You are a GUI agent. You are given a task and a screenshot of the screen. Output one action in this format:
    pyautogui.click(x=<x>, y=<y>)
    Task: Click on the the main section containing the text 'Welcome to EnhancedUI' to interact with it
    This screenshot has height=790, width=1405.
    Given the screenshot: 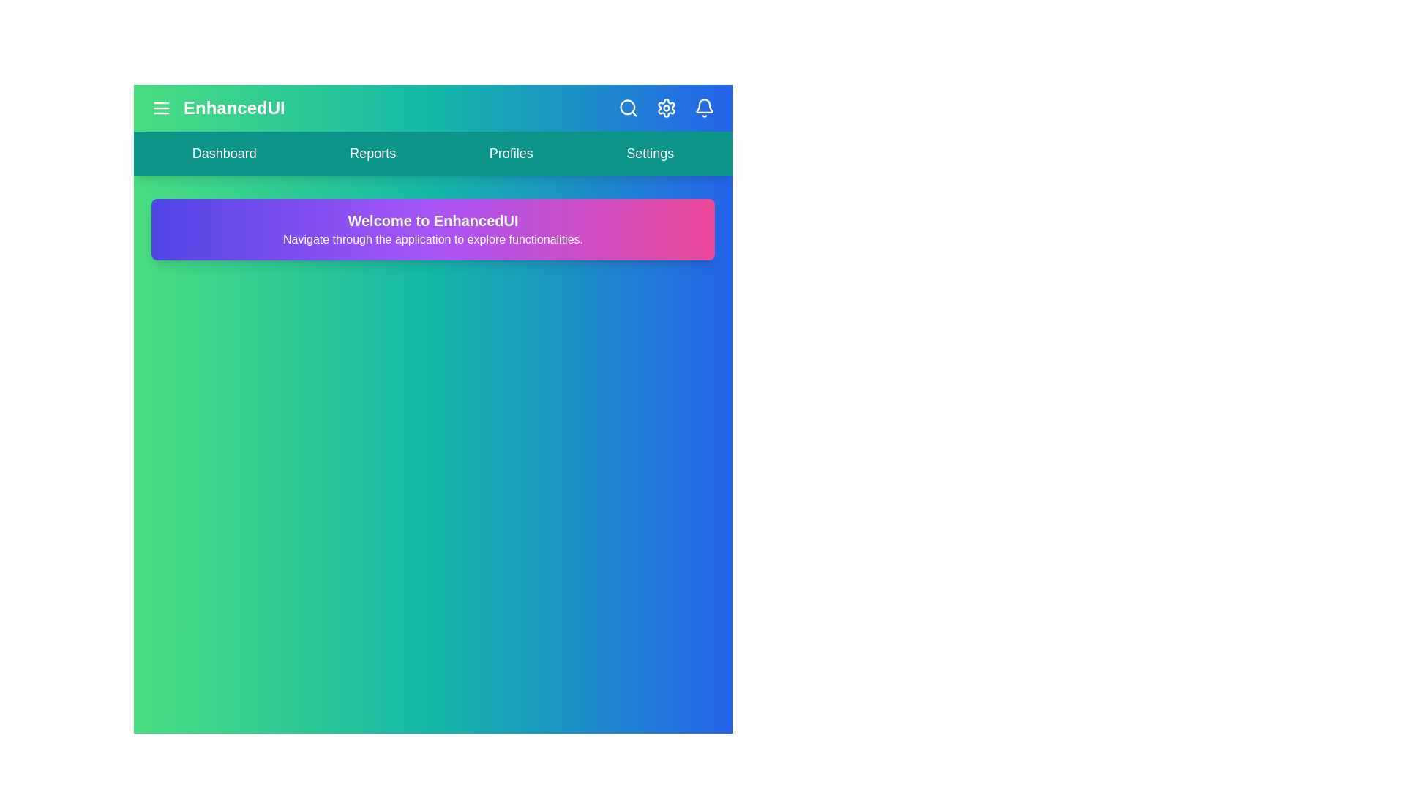 What is the action you would take?
    pyautogui.click(x=432, y=229)
    